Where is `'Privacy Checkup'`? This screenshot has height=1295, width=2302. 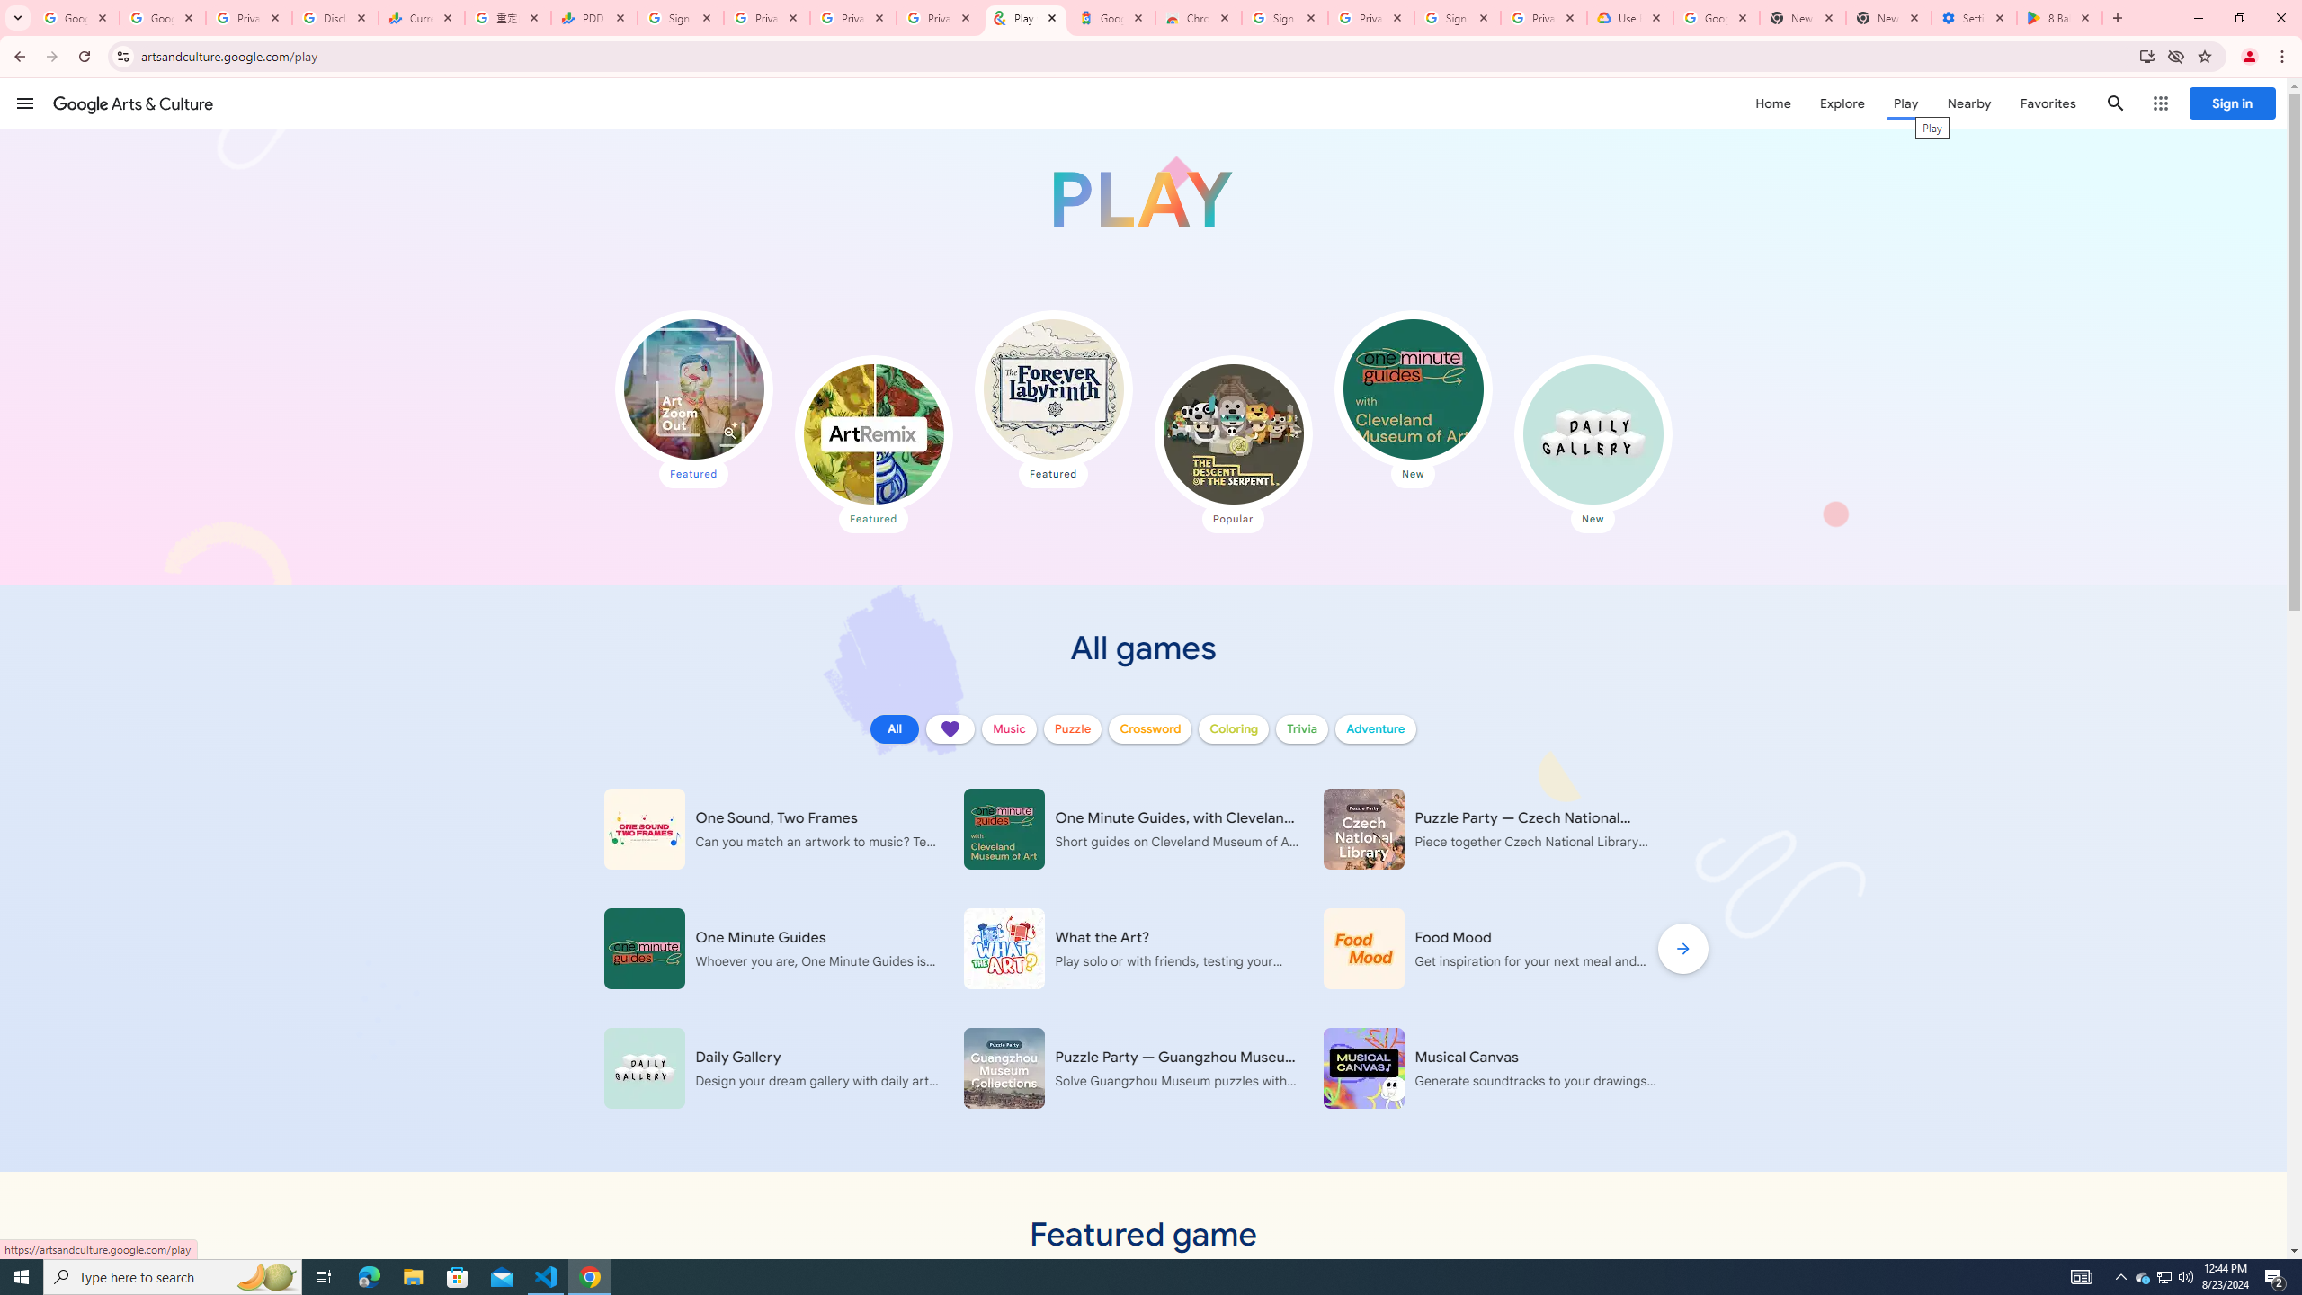 'Privacy Checkup' is located at coordinates (938, 17).